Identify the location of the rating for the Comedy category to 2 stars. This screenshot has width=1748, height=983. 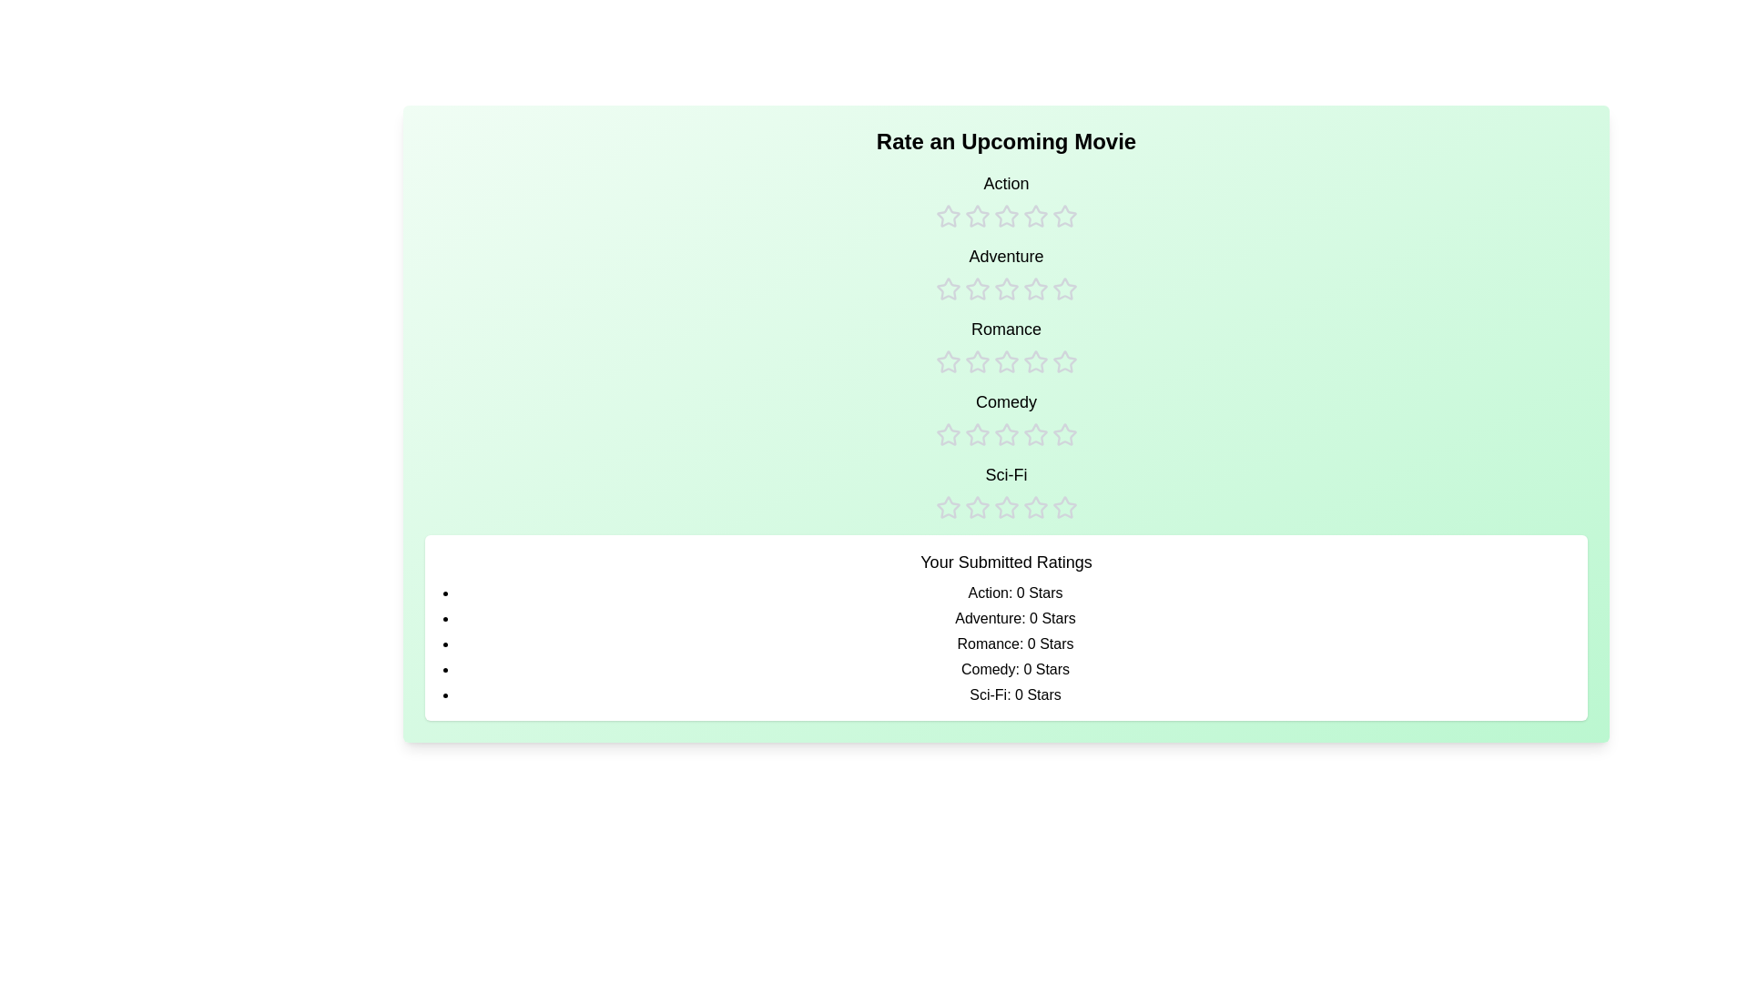
(976, 418).